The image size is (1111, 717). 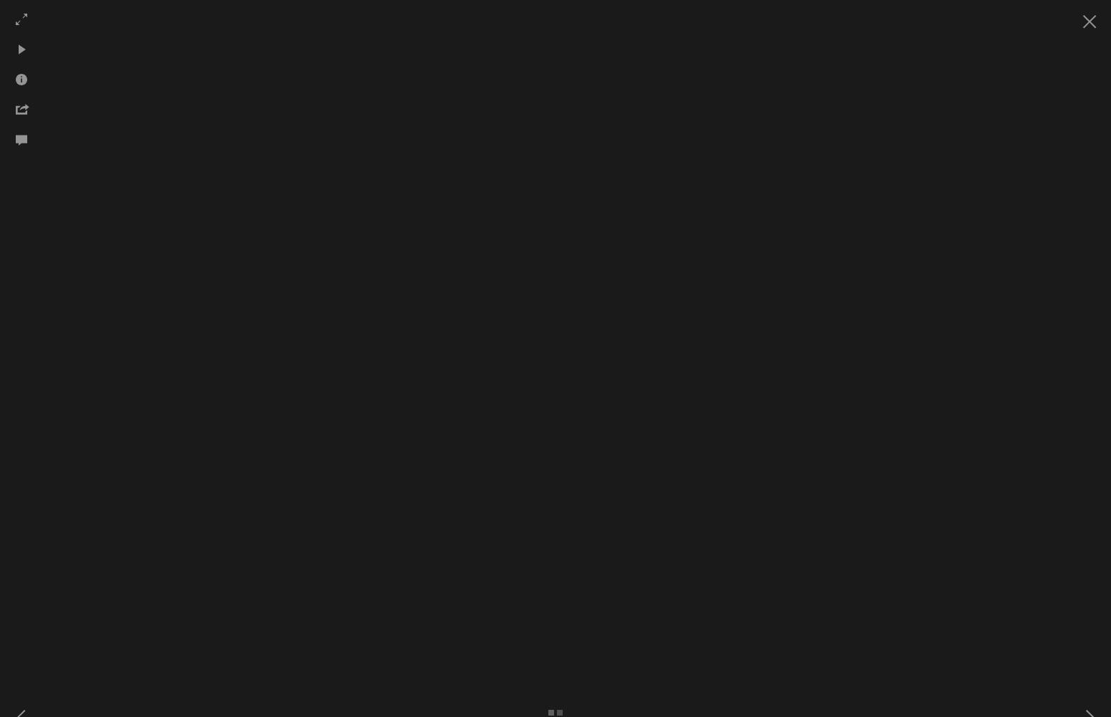 What do you see at coordinates (845, 165) in the screenshot?
I see `'Landscapes'` at bounding box center [845, 165].